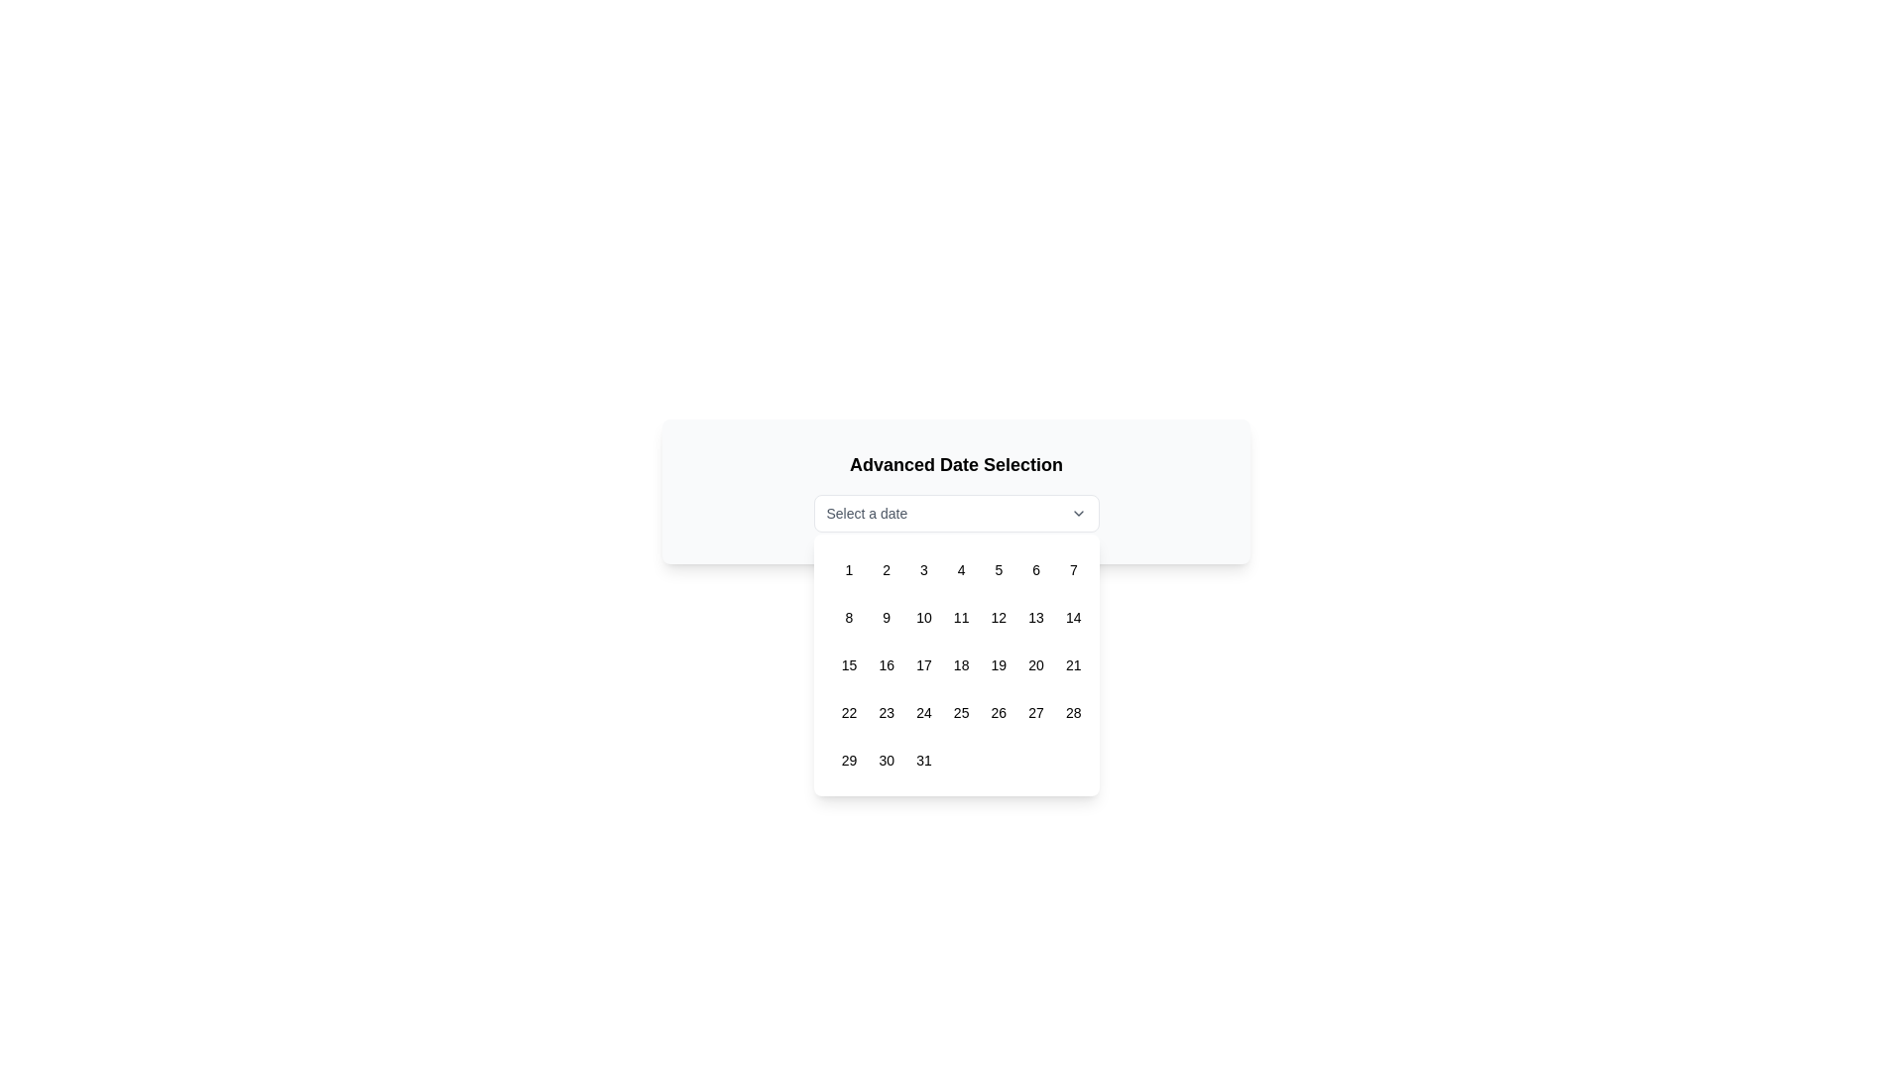  Describe the element at coordinates (849, 617) in the screenshot. I see `the button` at that location.